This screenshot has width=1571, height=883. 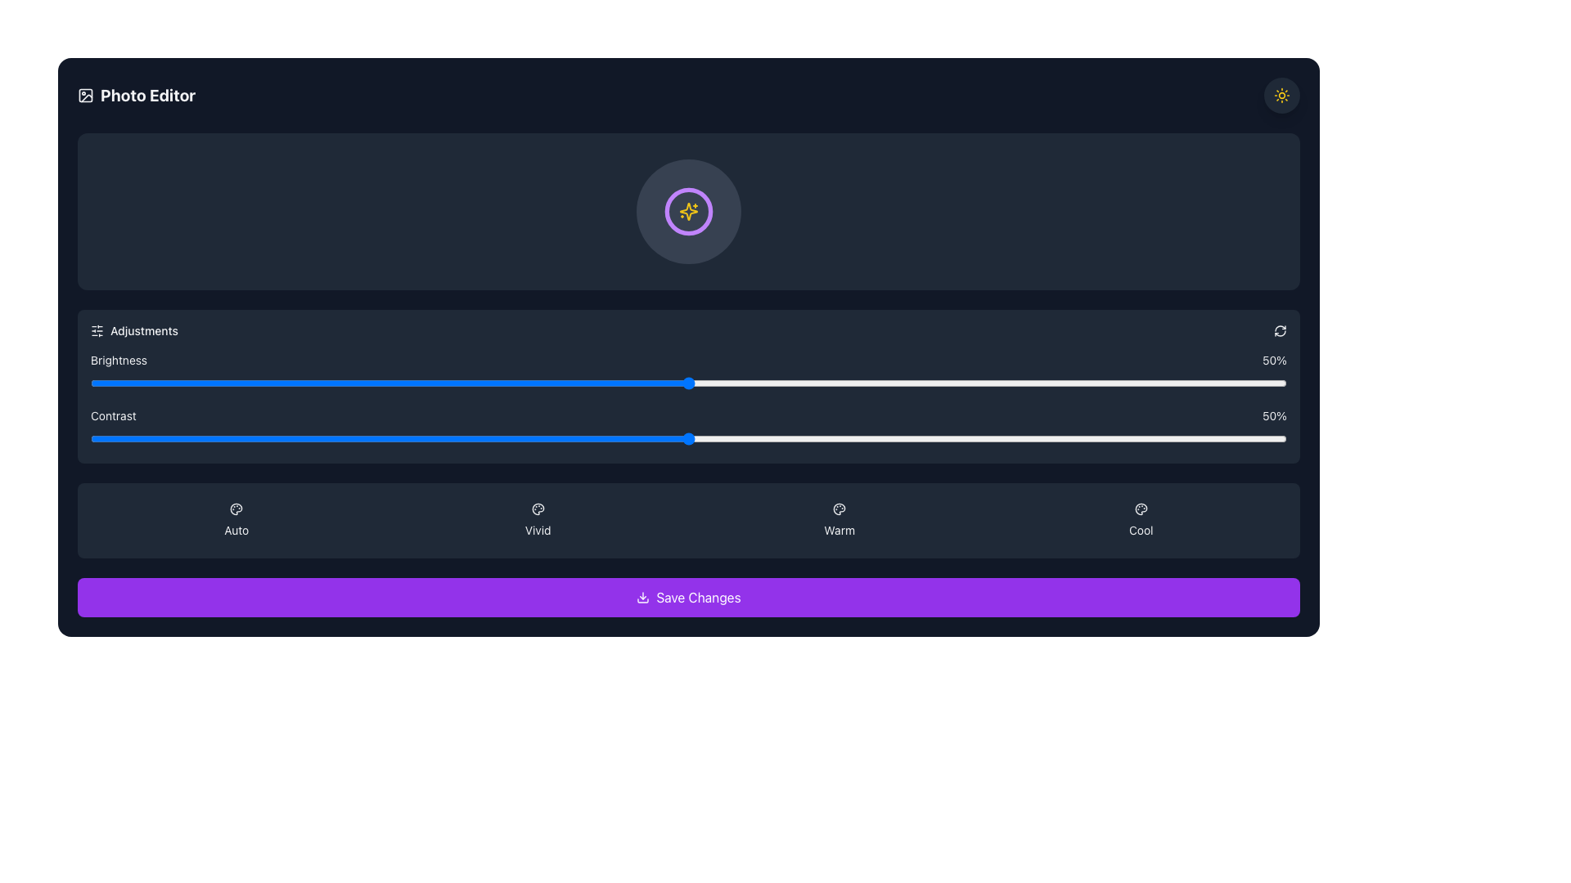 I want to click on the value of the slider, so click(x=557, y=437).